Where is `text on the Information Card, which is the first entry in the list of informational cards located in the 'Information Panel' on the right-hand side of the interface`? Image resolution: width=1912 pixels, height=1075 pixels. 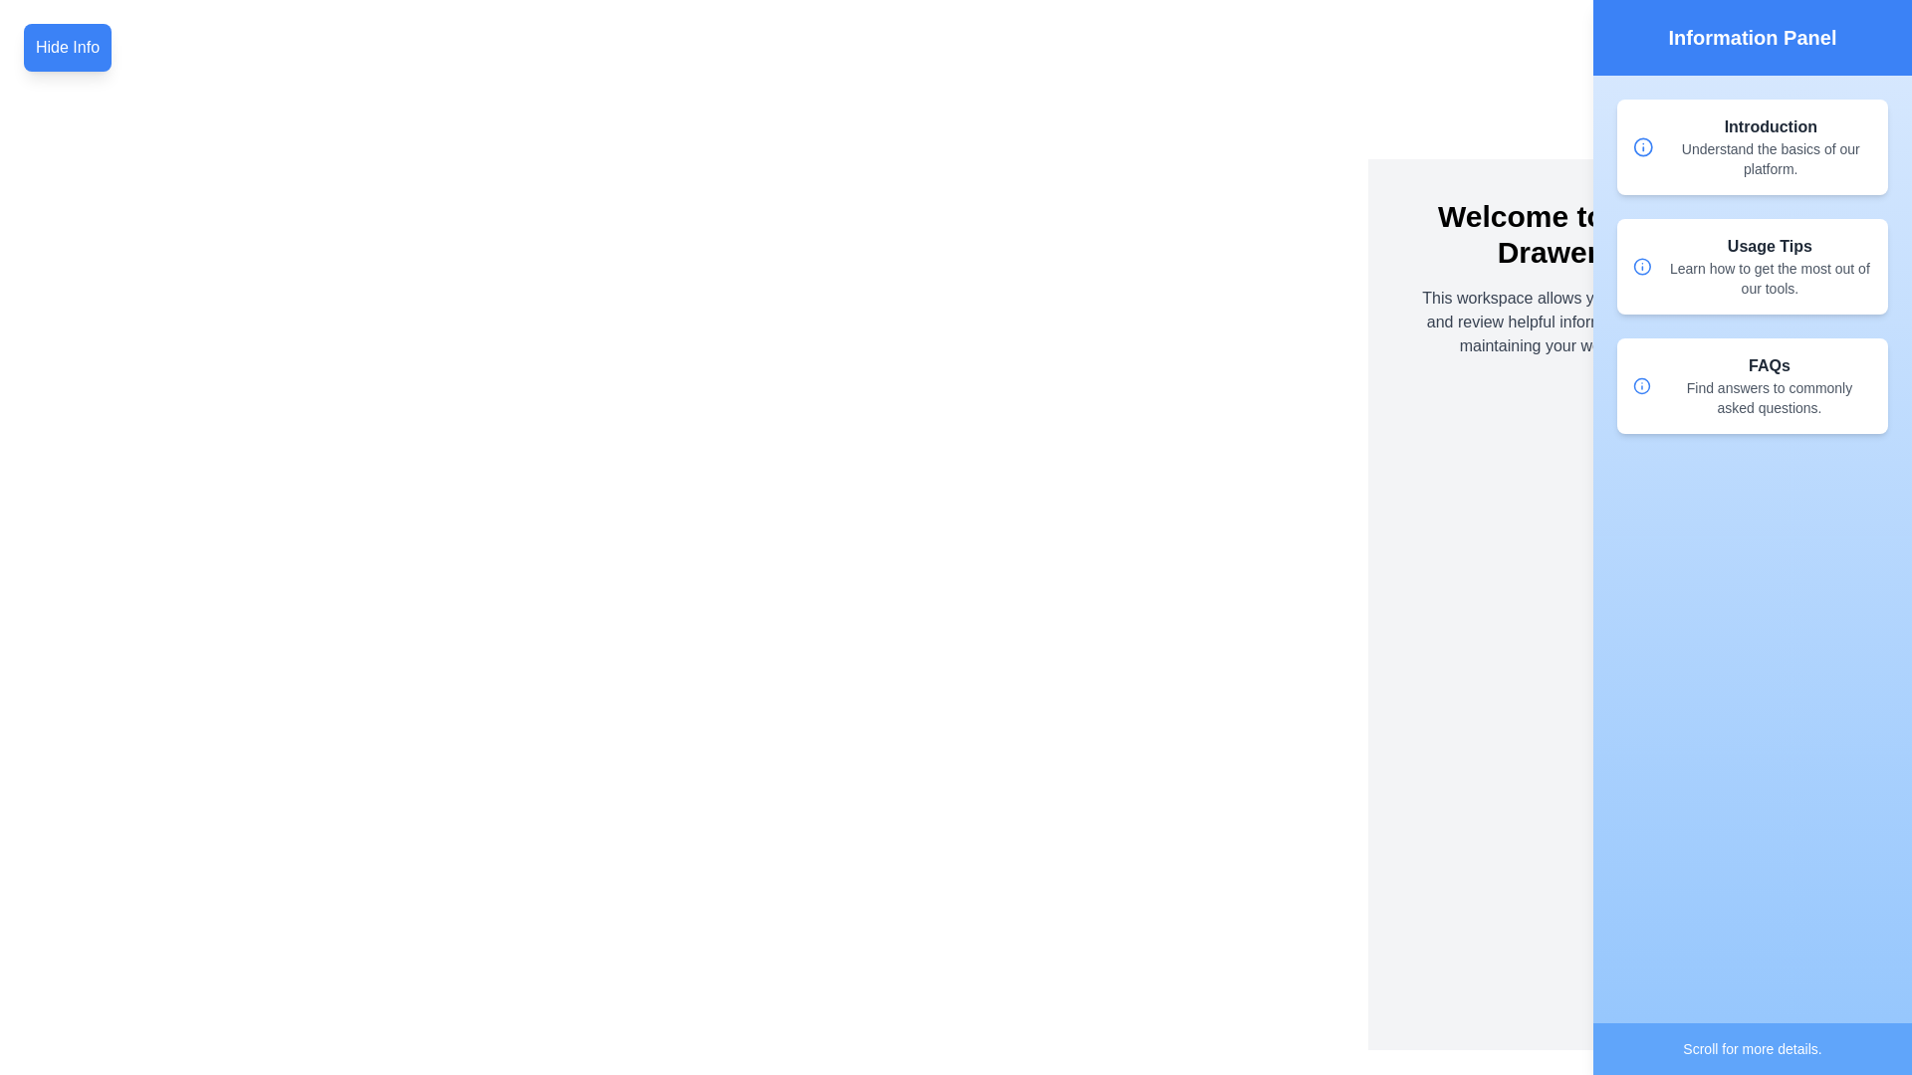 text on the Information Card, which is the first entry in the list of informational cards located in the 'Information Panel' on the right-hand side of the interface is located at coordinates (1753, 145).